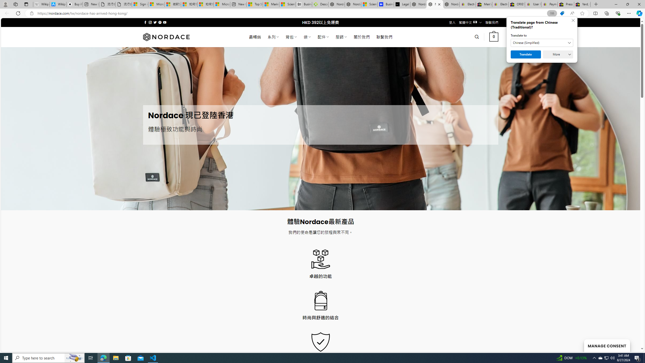  What do you see at coordinates (494, 37) in the screenshot?
I see `' 0 '` at bounding box center [494, 37].